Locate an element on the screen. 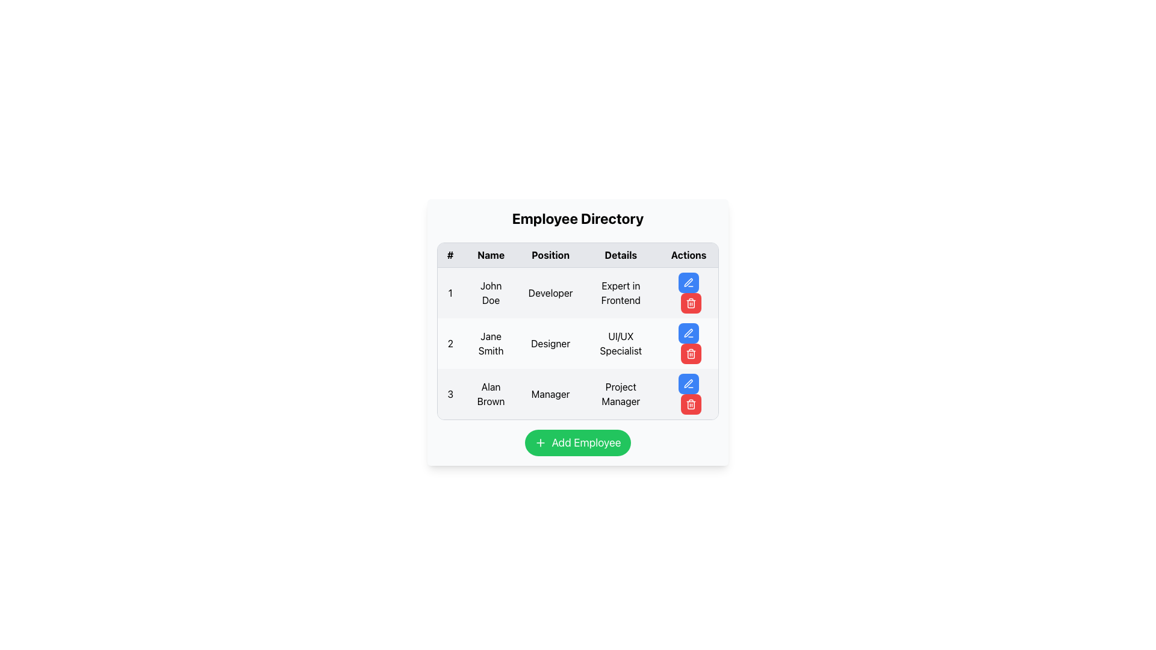 This screenshot has width=1156, height=650. the 'Developer' text label in the 'Position' column for 'John Doe' in the Employee Directory interface is located at coordinates (550, 292).